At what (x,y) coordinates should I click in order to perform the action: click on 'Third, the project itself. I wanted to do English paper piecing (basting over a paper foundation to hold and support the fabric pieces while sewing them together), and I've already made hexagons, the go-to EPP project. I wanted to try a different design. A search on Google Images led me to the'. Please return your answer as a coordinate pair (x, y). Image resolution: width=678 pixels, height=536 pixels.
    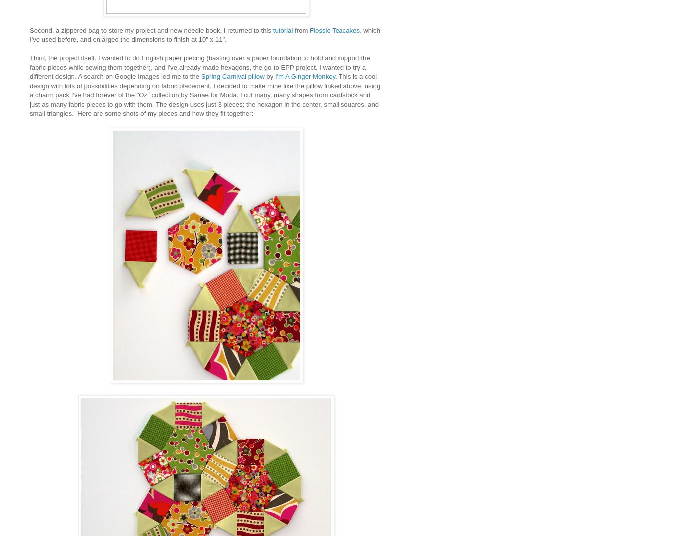
    Looking at the image, I should click on (199, 67).